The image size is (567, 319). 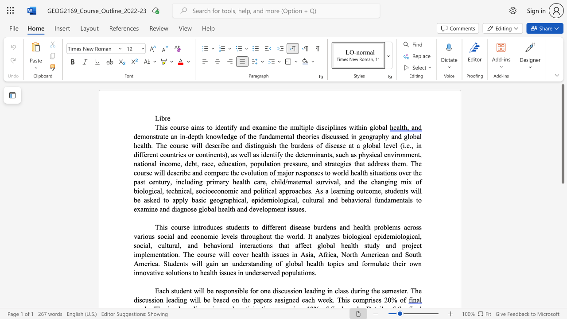 What do you see at coordinates (562, 297) in the screenshot?
I see `the right-hand scrollbar to descend the page` at bounding box center [562, 297].